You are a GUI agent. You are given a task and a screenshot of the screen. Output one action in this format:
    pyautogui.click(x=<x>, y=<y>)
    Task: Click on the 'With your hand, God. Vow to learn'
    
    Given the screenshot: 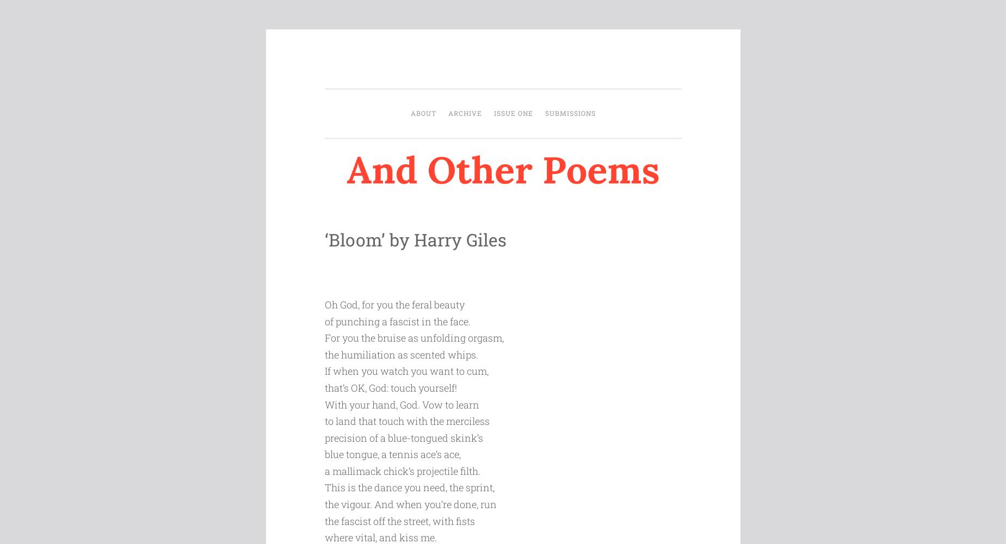 What is the action you would take?
    pyautogui.click(x=400, y=404)
    